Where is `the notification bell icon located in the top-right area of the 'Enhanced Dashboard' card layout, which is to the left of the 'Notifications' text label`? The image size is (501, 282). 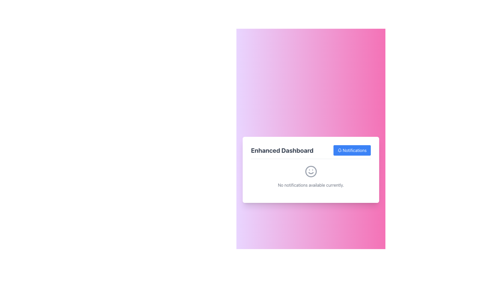 the notification bell icon located in the top-right area of the 'Enhanced Dashboard' card layout, which is to the left of the 'Notifications' text label is located at coordinates (339, 150).